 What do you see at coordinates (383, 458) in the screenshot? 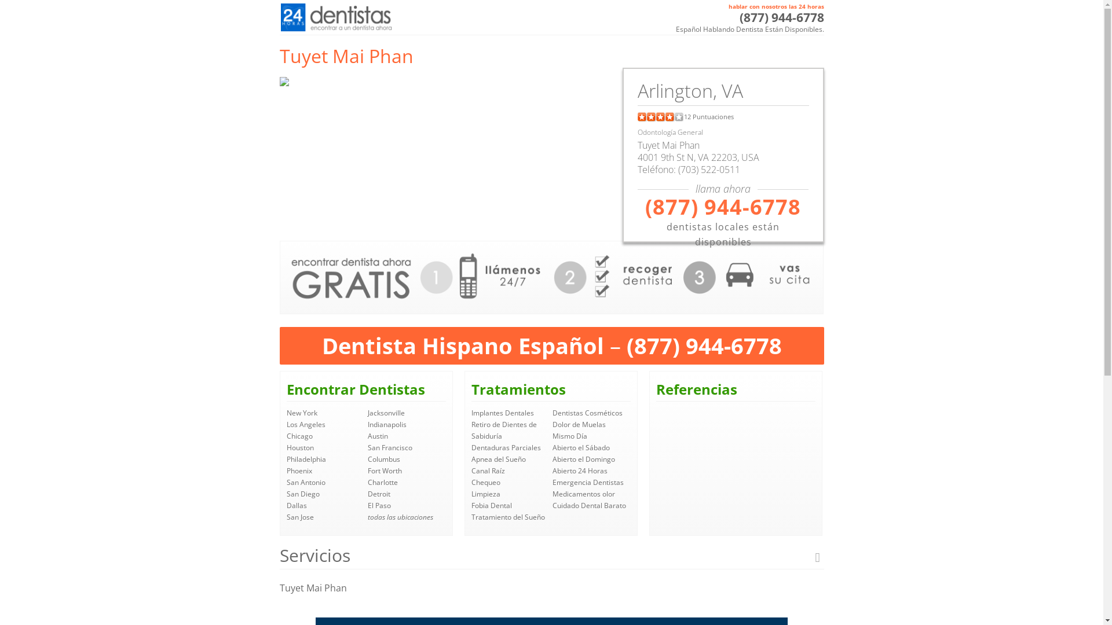
I see `'Columbus'` at bounding box center [383, 458].